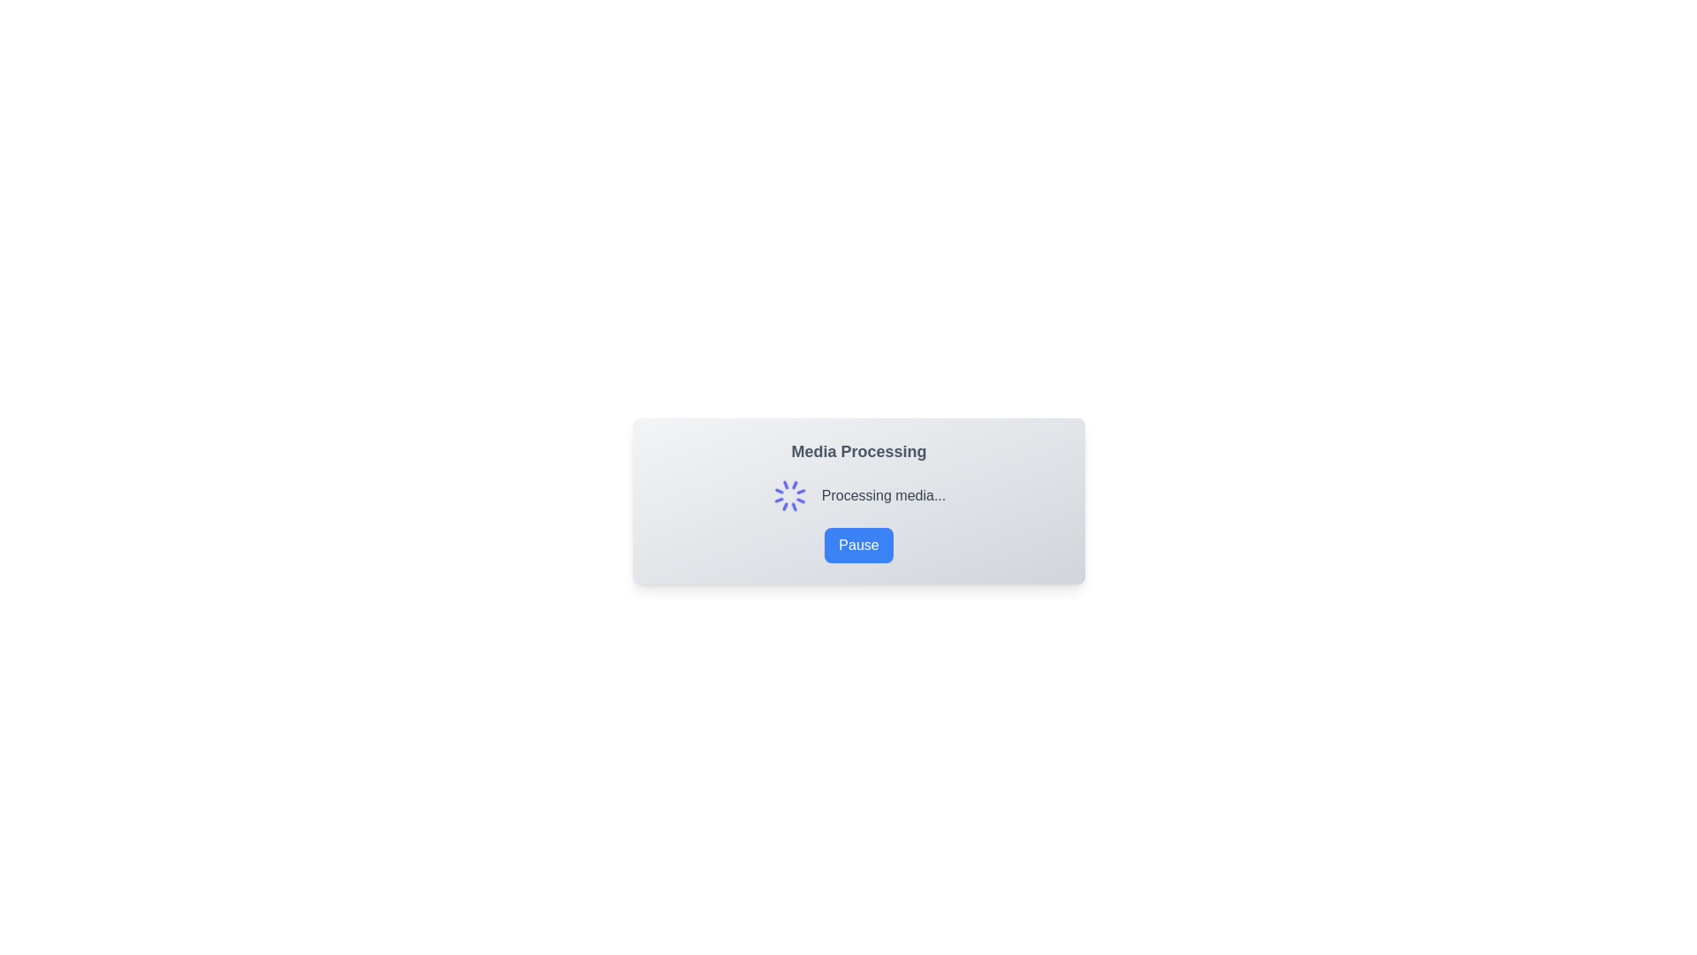 The image size is (1697, 955). I want to click on the static text label that indicates the current media processing operation, located to the right of a spinning loader icon and above a blue 'Pause' button, so click(883, 495).